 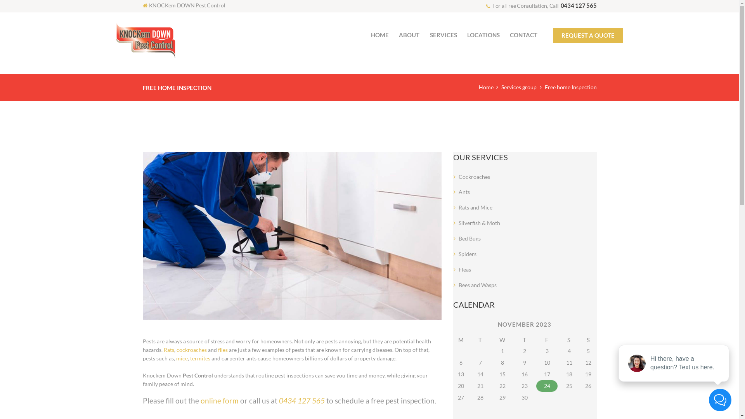 What do you see at coordinates (477, 285) in the screenshot?
I see `'Bees and Wasps'` at bounding box center [477, 285].